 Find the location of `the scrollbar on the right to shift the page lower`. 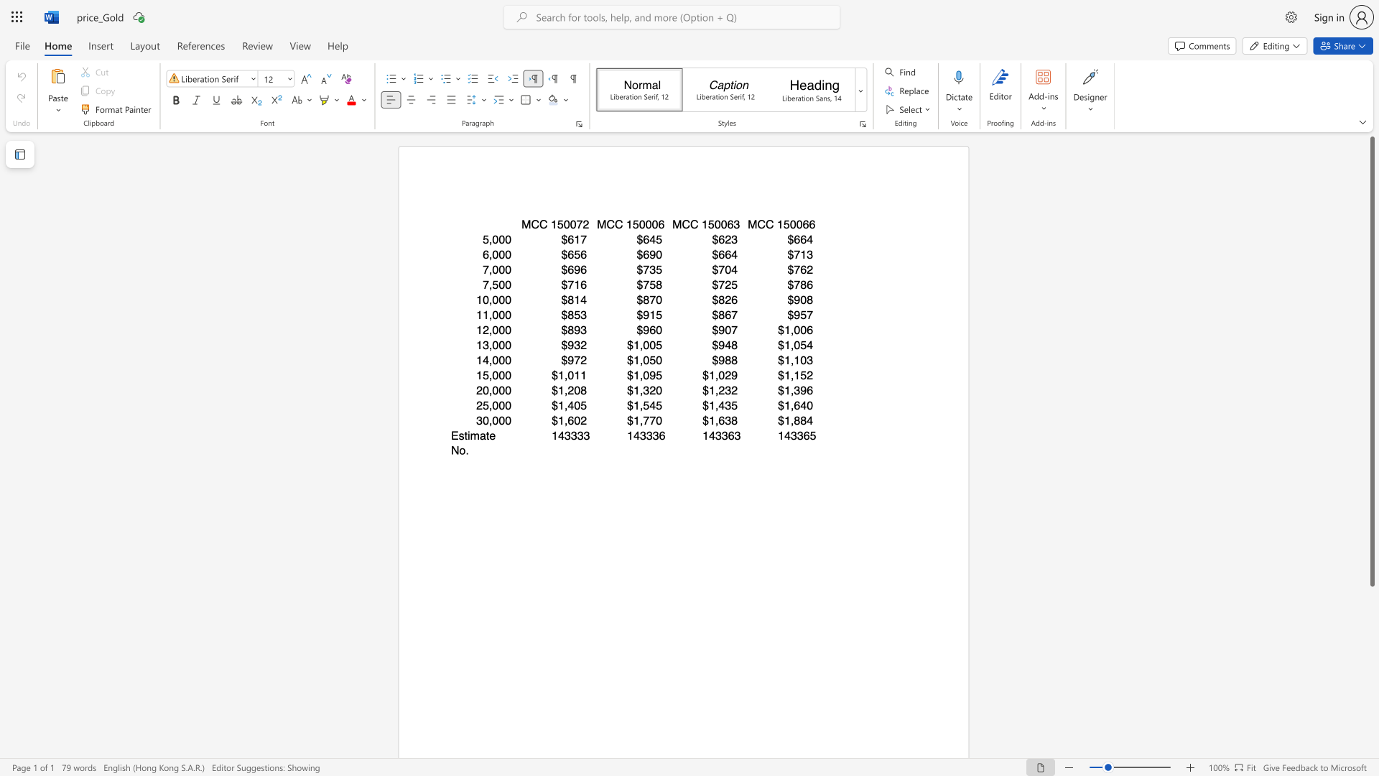

the scrollbar on the right to shift the page lower is located at coordinates (1371, 624).